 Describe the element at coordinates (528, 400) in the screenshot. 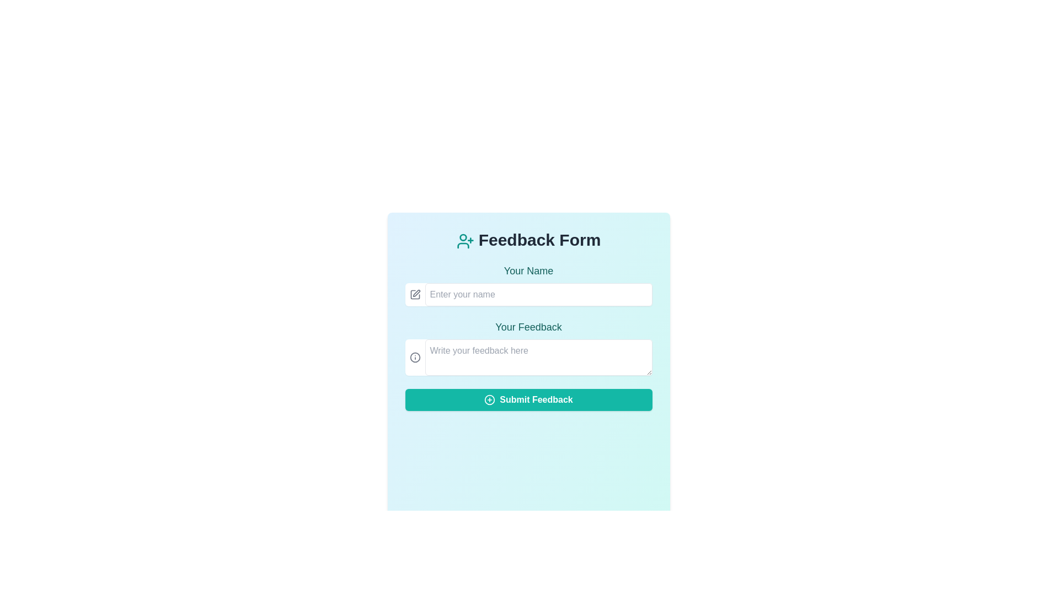

I see `the feedback submission button located at the bottom of the form layout to observe the hover effects` at that location.